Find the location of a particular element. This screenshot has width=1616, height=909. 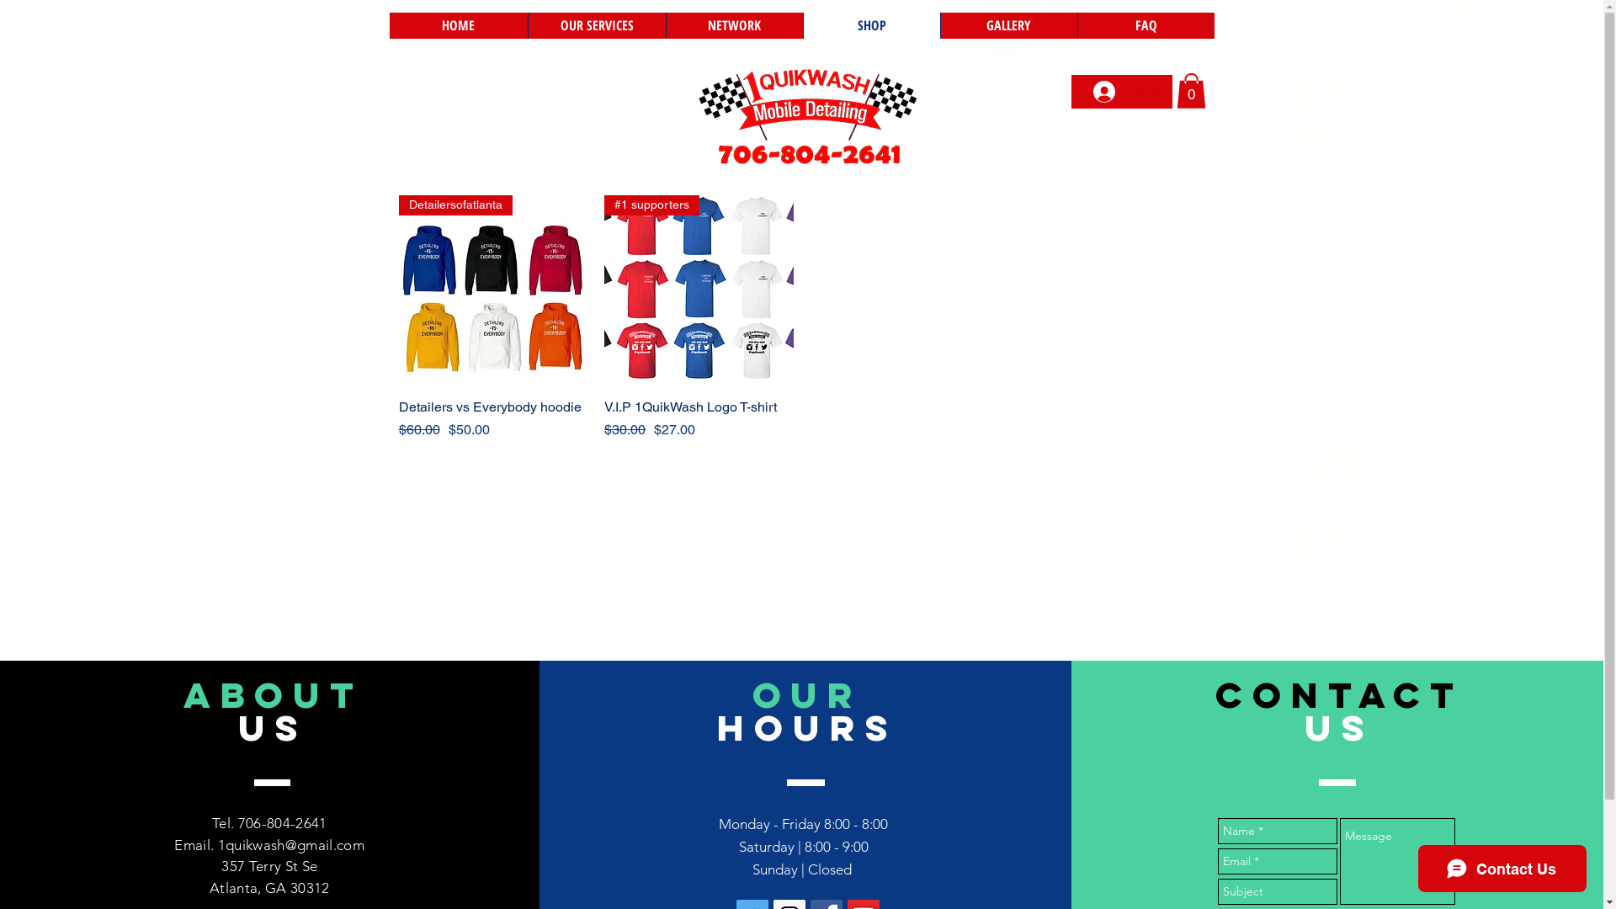

'NETWORK' is located at coordinates (733, 25).